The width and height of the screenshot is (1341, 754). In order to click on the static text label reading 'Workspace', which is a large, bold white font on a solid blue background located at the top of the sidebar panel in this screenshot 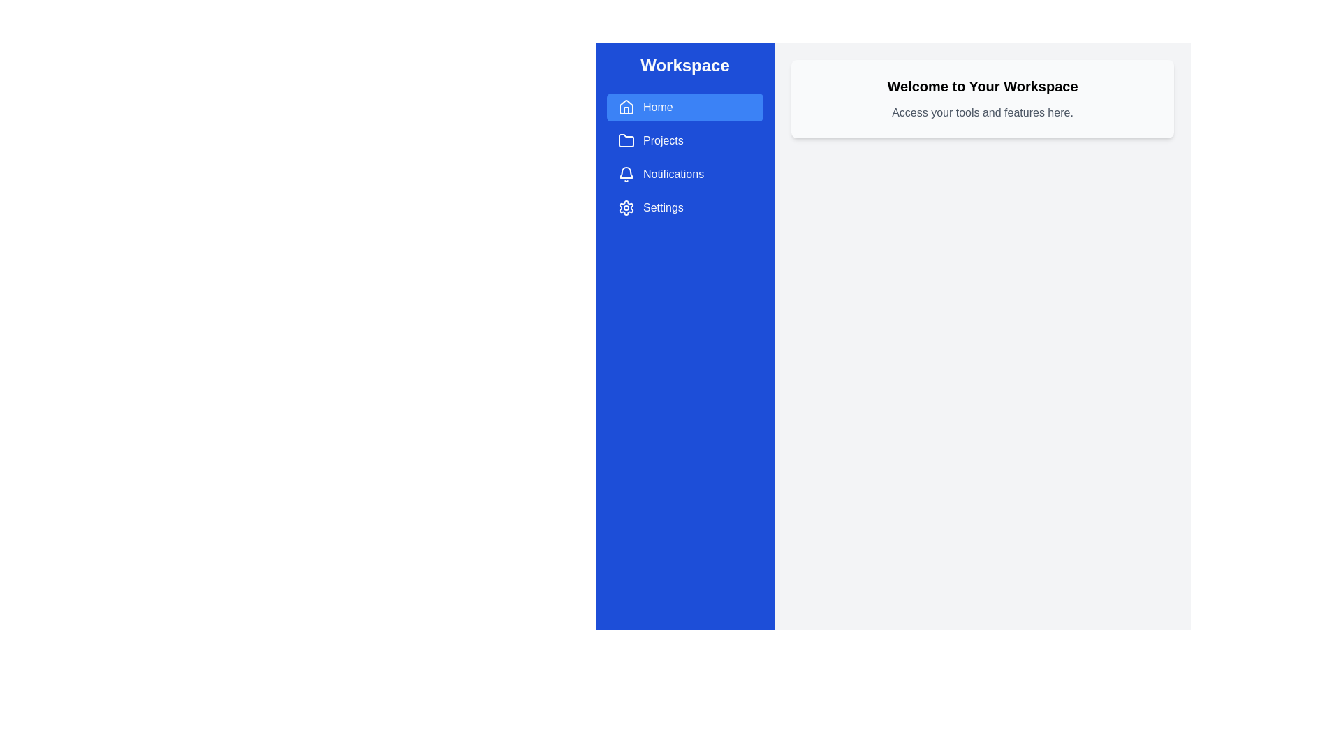, I will do `click(684, 65)`.